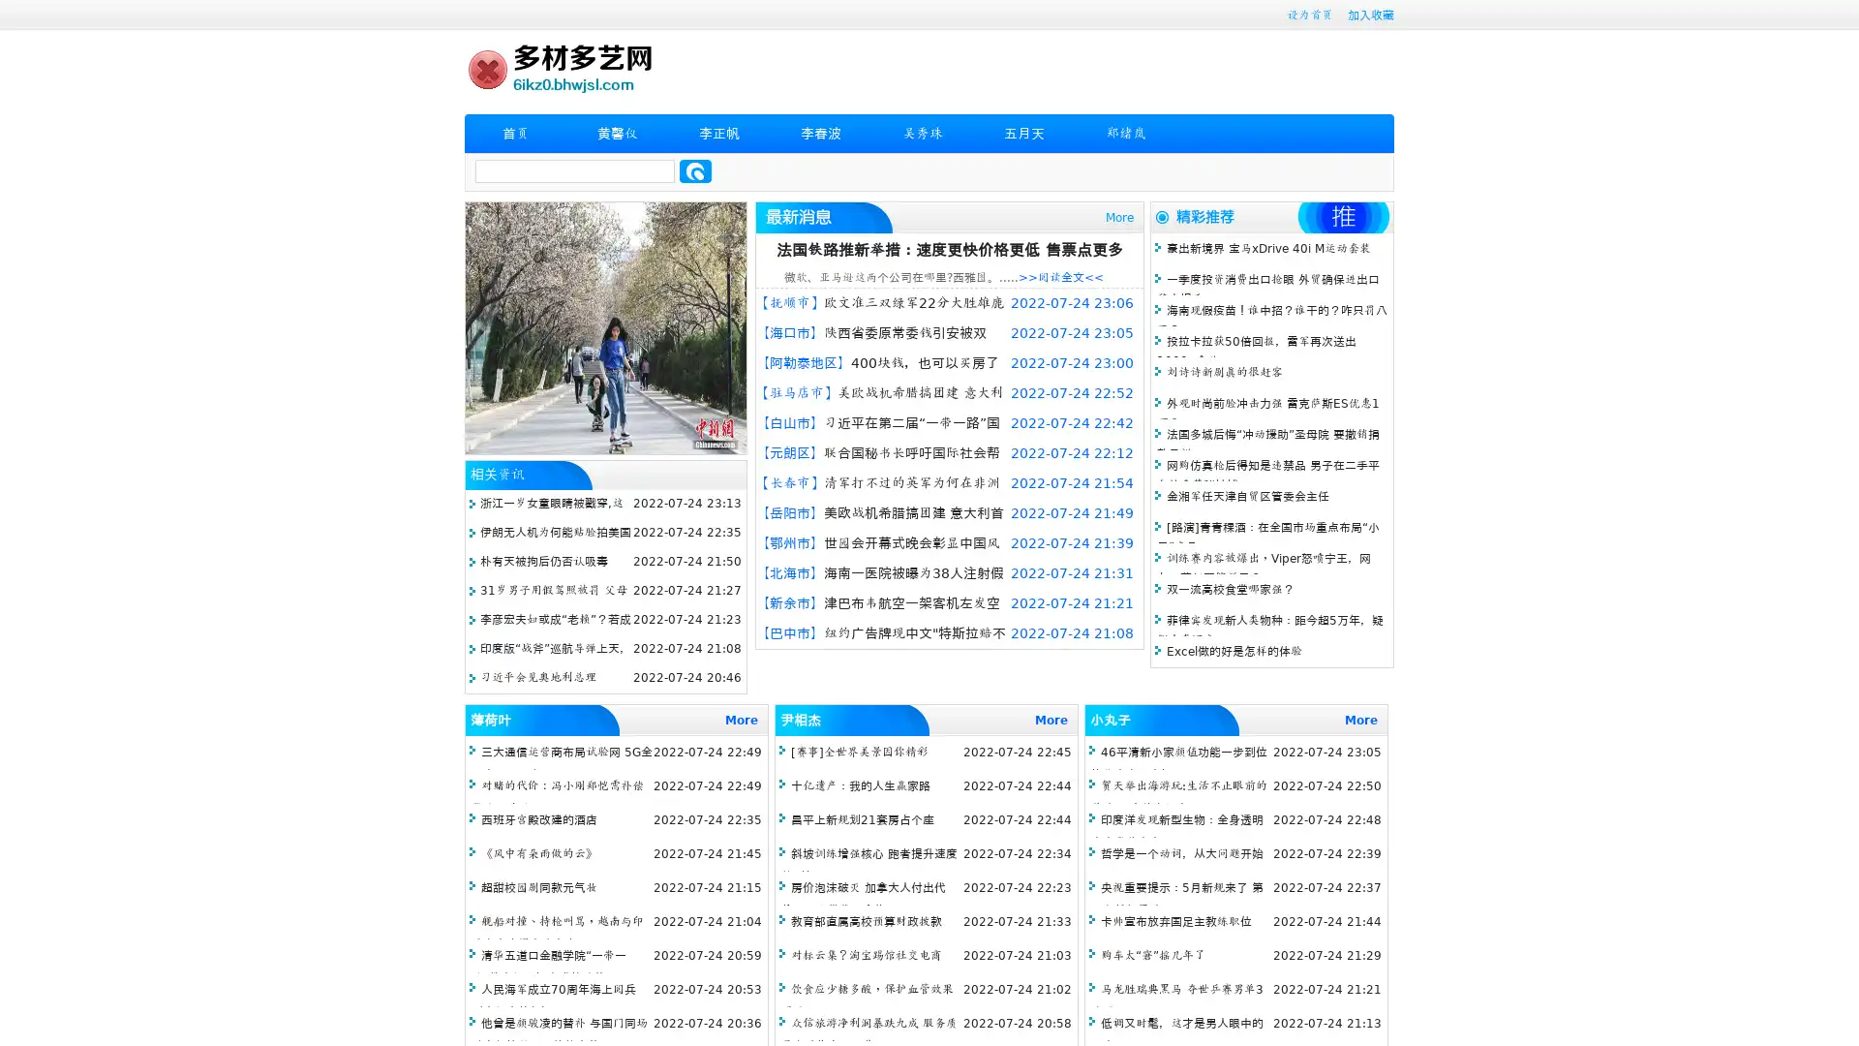 The image size is (1859, 1046). Describe the element at coordinates (695, 170) in the screenshot. I see `Search` at that location.